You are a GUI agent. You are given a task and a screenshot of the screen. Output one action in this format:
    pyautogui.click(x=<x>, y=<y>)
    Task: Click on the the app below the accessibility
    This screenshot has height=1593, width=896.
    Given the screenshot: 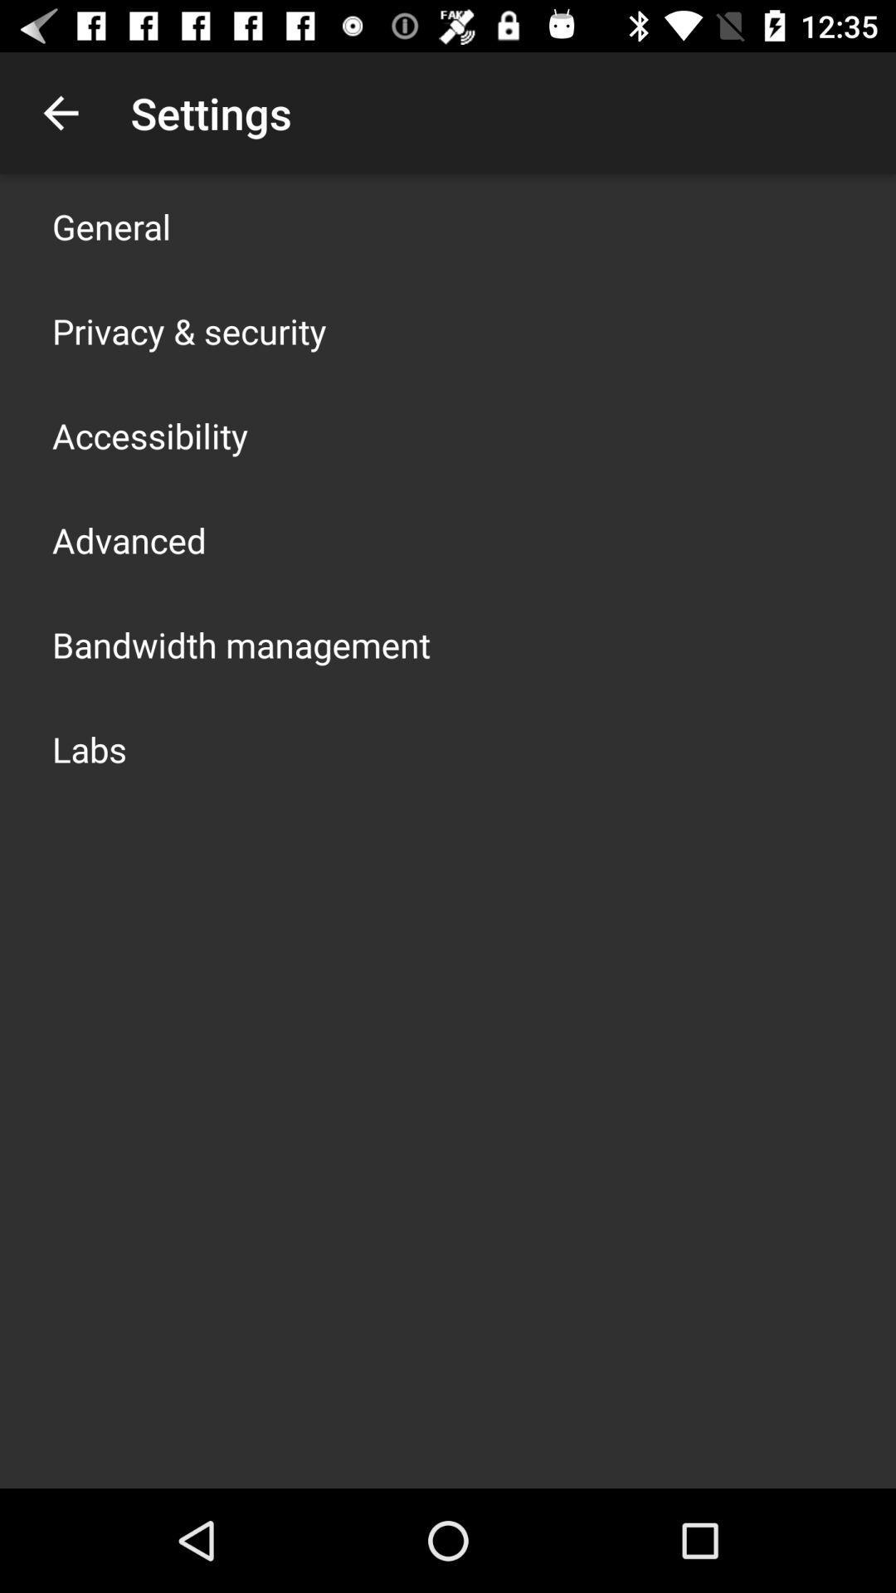 What is the action you would take?
    pyautogui.click(x=128, y=540)
    